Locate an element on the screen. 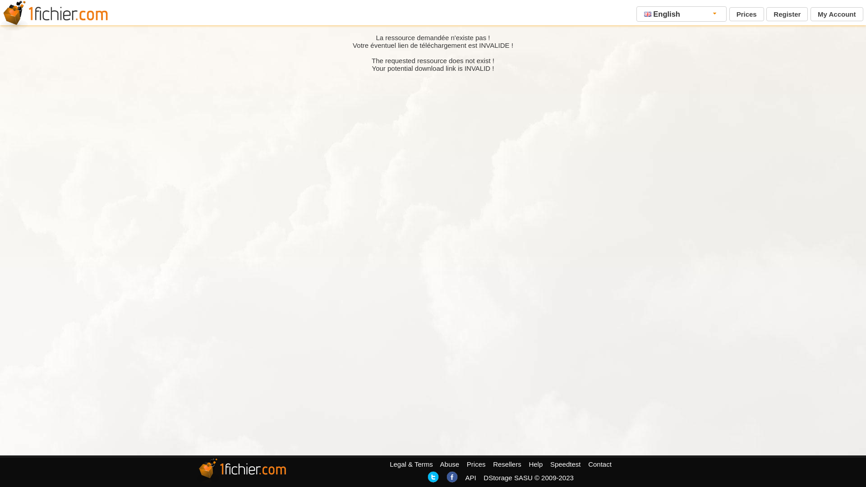 The image size is (866, 487). 'Resellers' is located at coordinates (507, 464).